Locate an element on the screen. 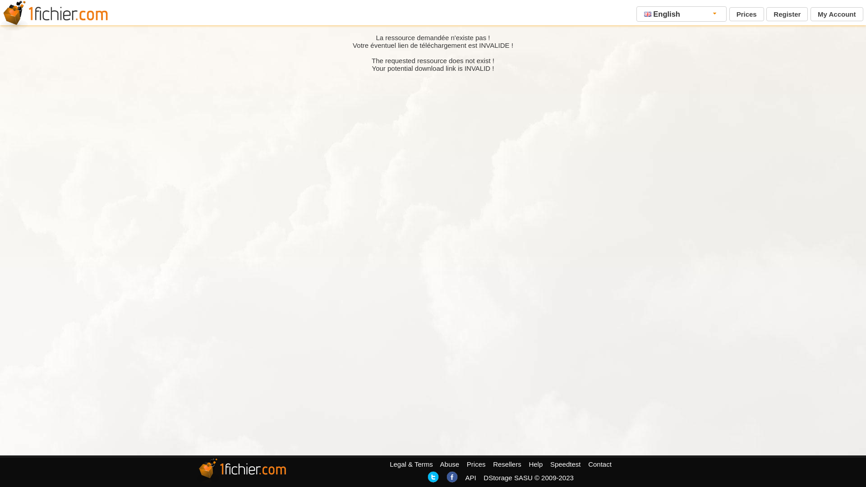 The image size is (866, 487). 'Resellers' is located at coordinates (507, 464).